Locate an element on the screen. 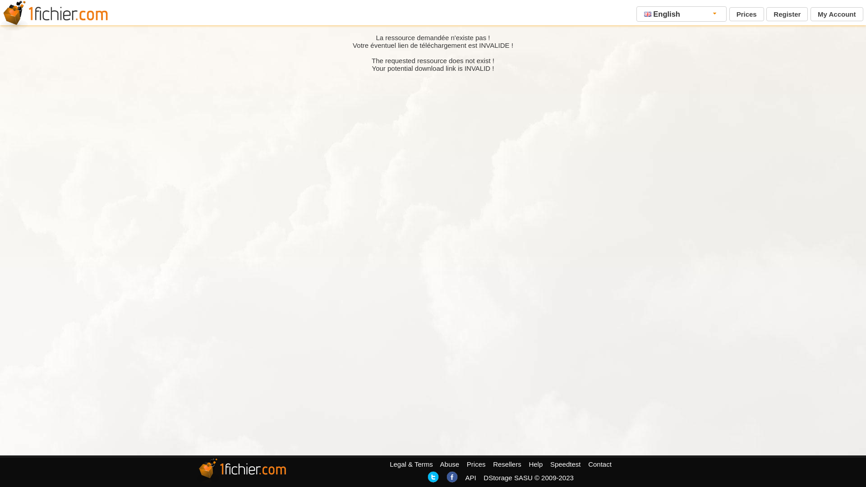 The image size is (866, 487). 'Resellers' is located at coordinates (507, 464).